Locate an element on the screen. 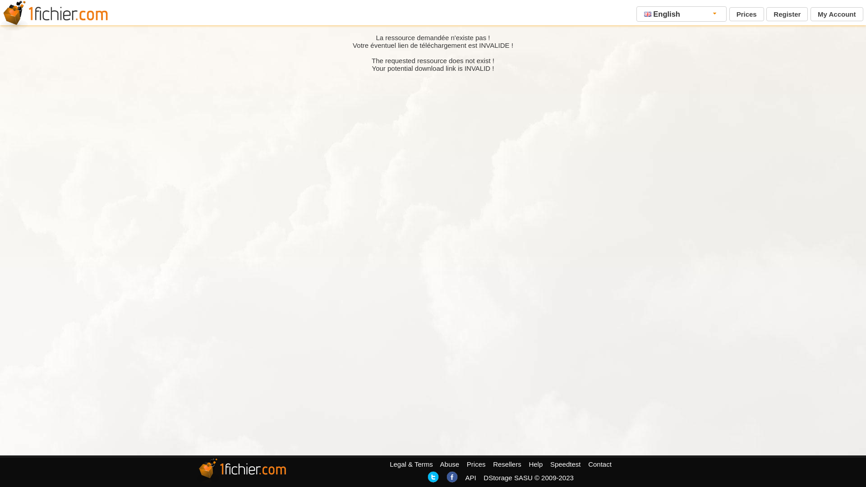 The image size is (866, 487). 'Resellers' is located at coordinates (507, 464).